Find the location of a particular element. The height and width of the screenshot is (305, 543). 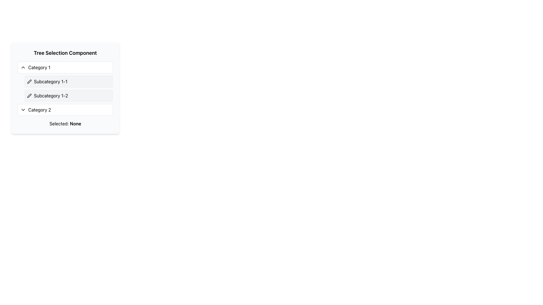

the text label displaying 'None' in bold font, located to the right of 'Selected:' under the 'Tree Selection Component' panel is located at coordinates (75, 123).